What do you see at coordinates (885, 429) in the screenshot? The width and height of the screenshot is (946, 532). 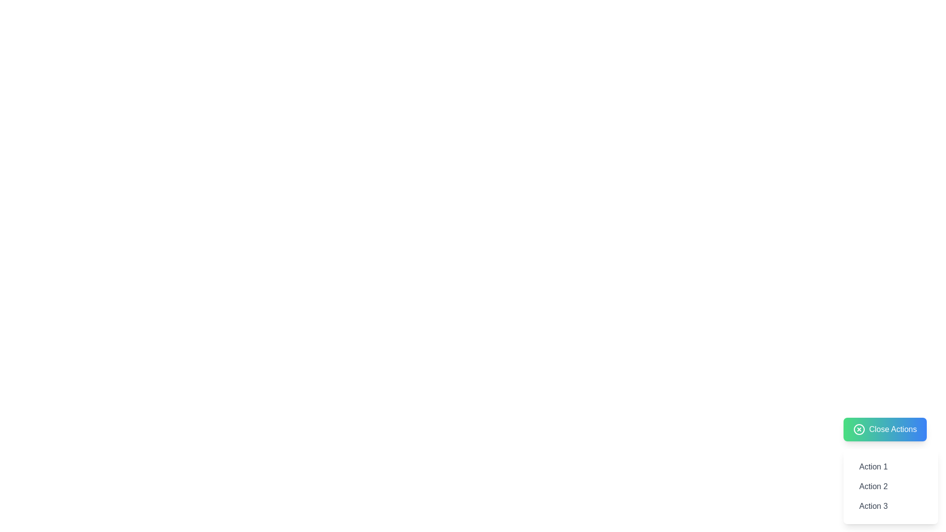 I see `the close button located in the bottom-right corner of the interface` at bounding box center [885, 429].